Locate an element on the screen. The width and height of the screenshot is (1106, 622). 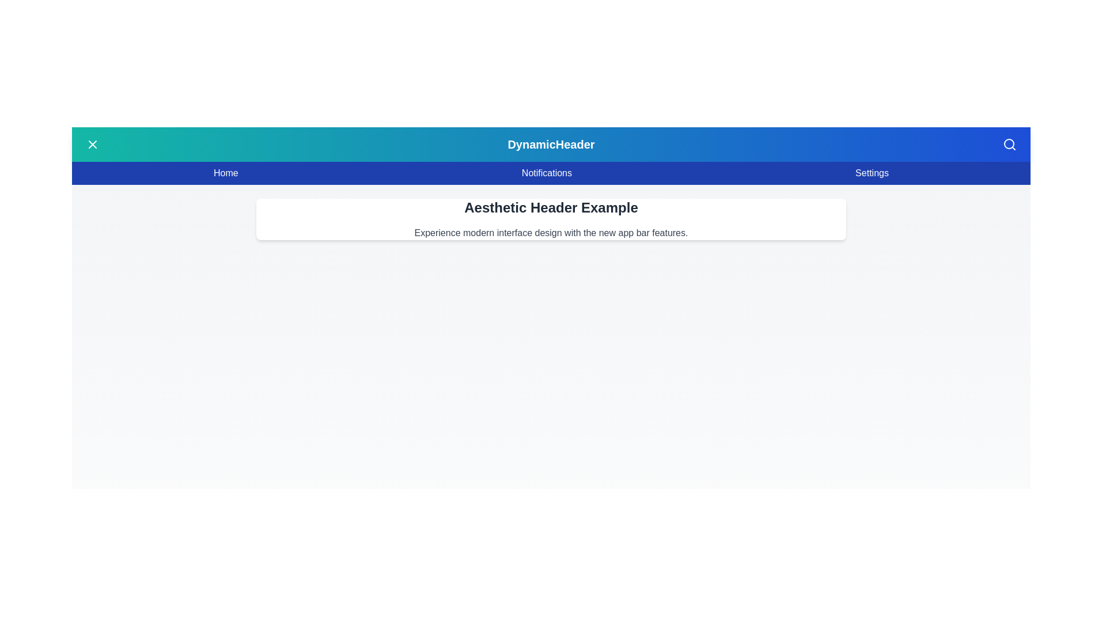
the 'Notifications' menu item in the navigation bar is located at coordinates (546, 173).